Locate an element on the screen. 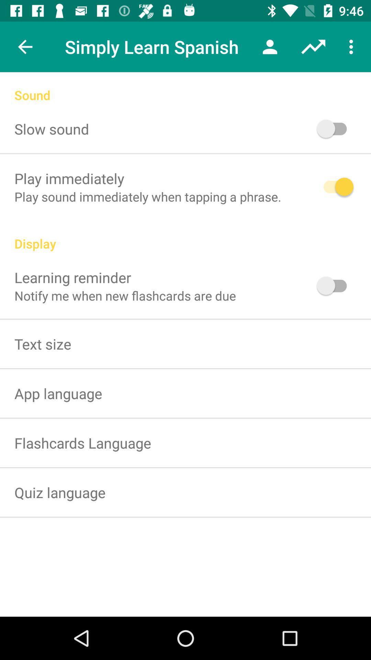  icon above the sound item is located at coordinates (313, 46).